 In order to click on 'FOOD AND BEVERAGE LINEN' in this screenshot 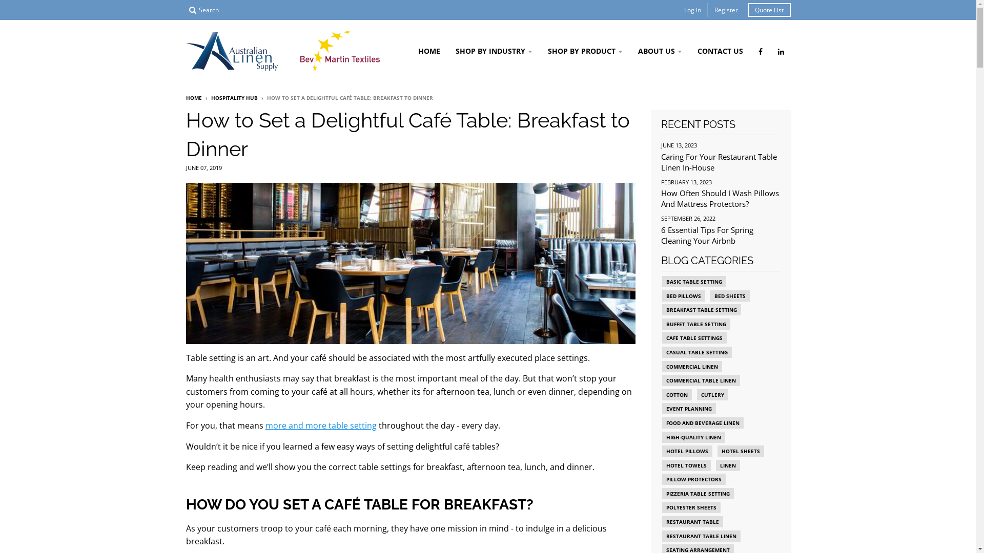, I will do `click(702, 422)`.